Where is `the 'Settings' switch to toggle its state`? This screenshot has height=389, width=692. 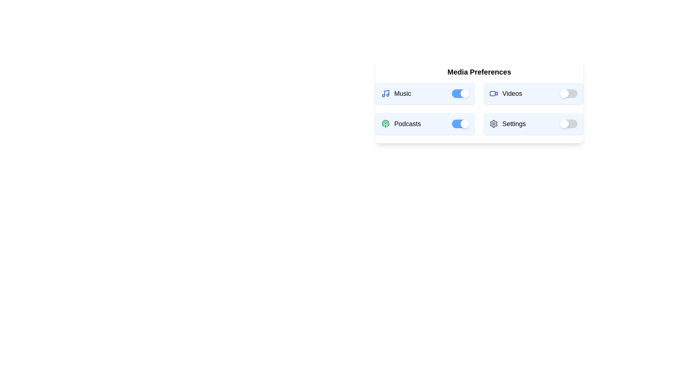
the 'Settings' switch to toggle its state is located at coordinates (568, 123).